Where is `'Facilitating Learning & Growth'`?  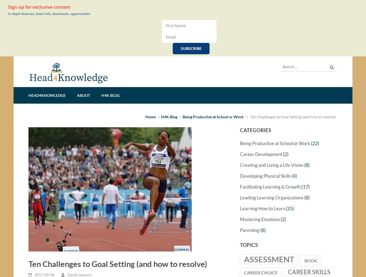 'Facilitating Learning & Growth' is located at coordinates (270, 189).